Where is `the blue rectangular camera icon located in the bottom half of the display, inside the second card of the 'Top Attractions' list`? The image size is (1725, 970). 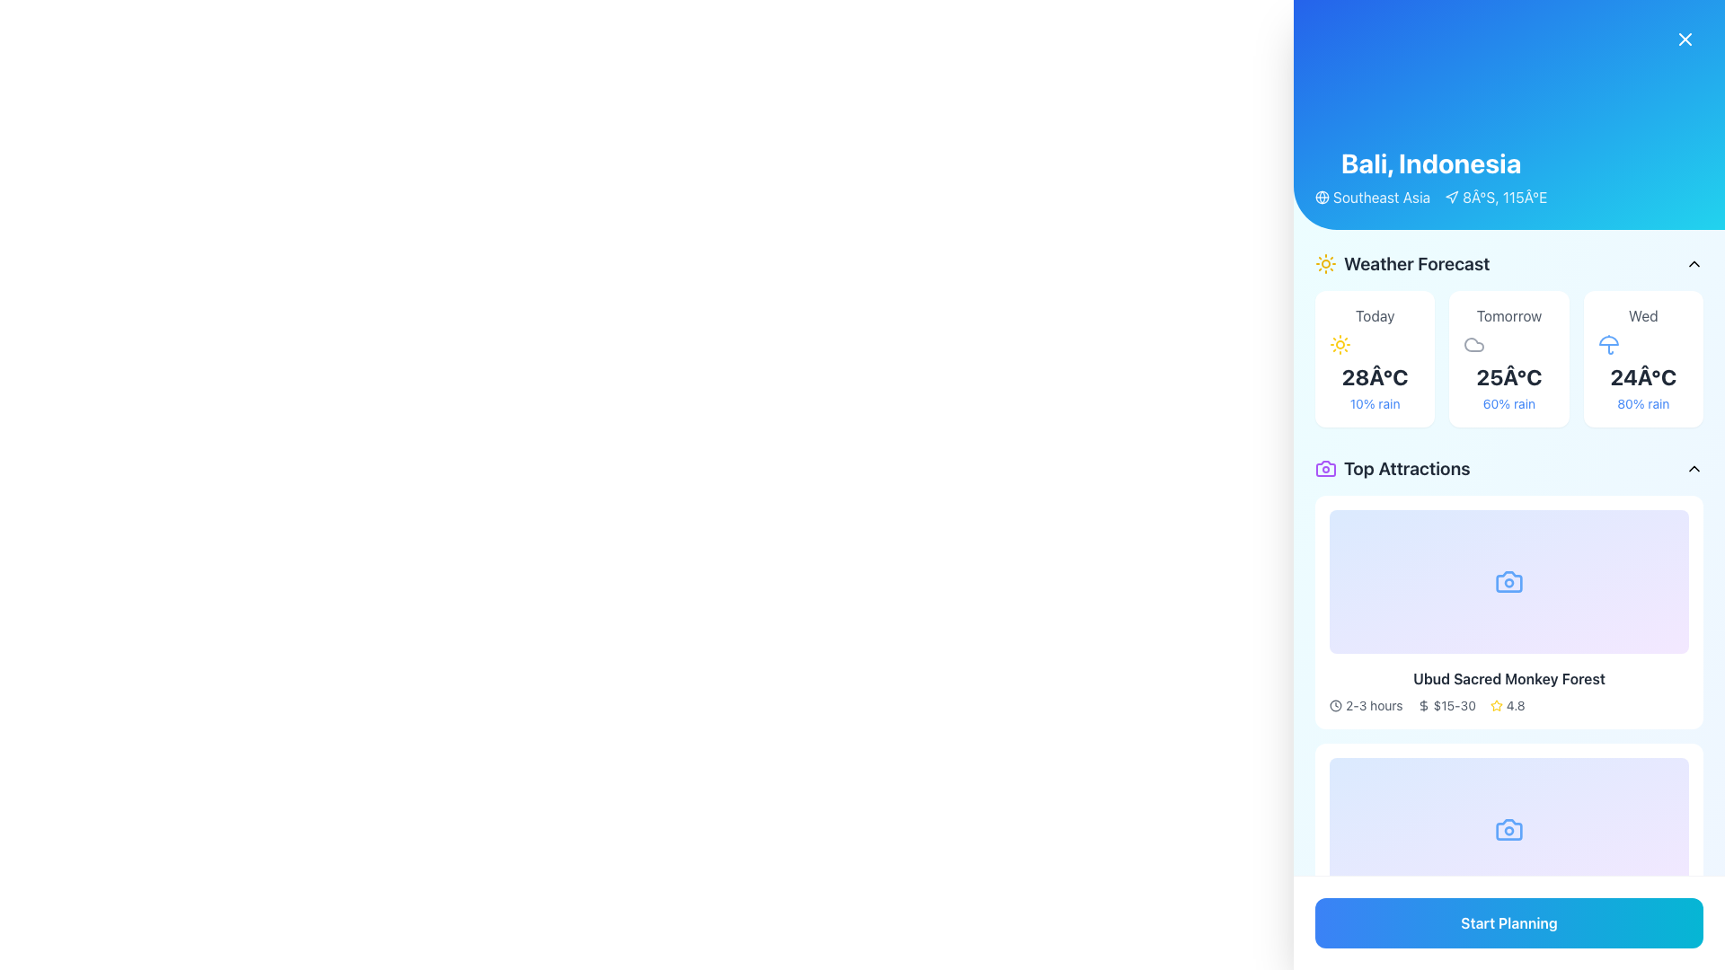
the blue rectangular camera icon located in the bottom half of the display, inside the second card of the 'Top Attractions' list is located at coordinates (1509, 830).